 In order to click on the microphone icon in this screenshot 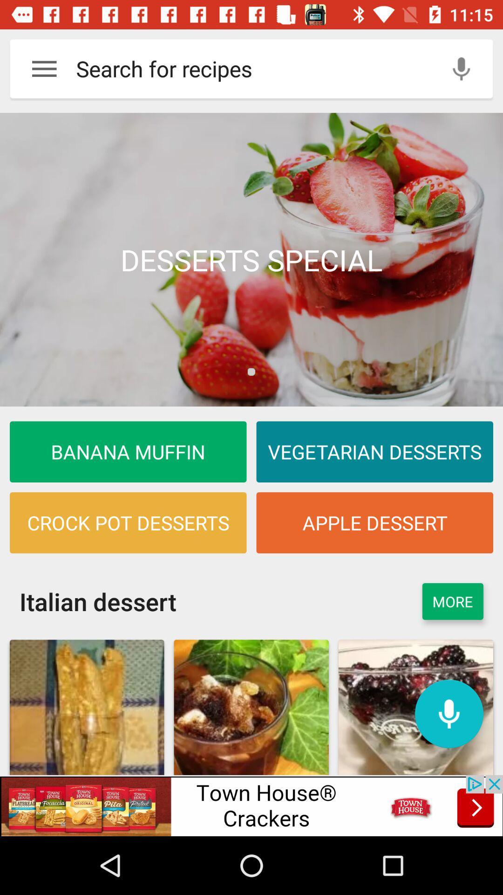, I will do `click(461, 68)`.